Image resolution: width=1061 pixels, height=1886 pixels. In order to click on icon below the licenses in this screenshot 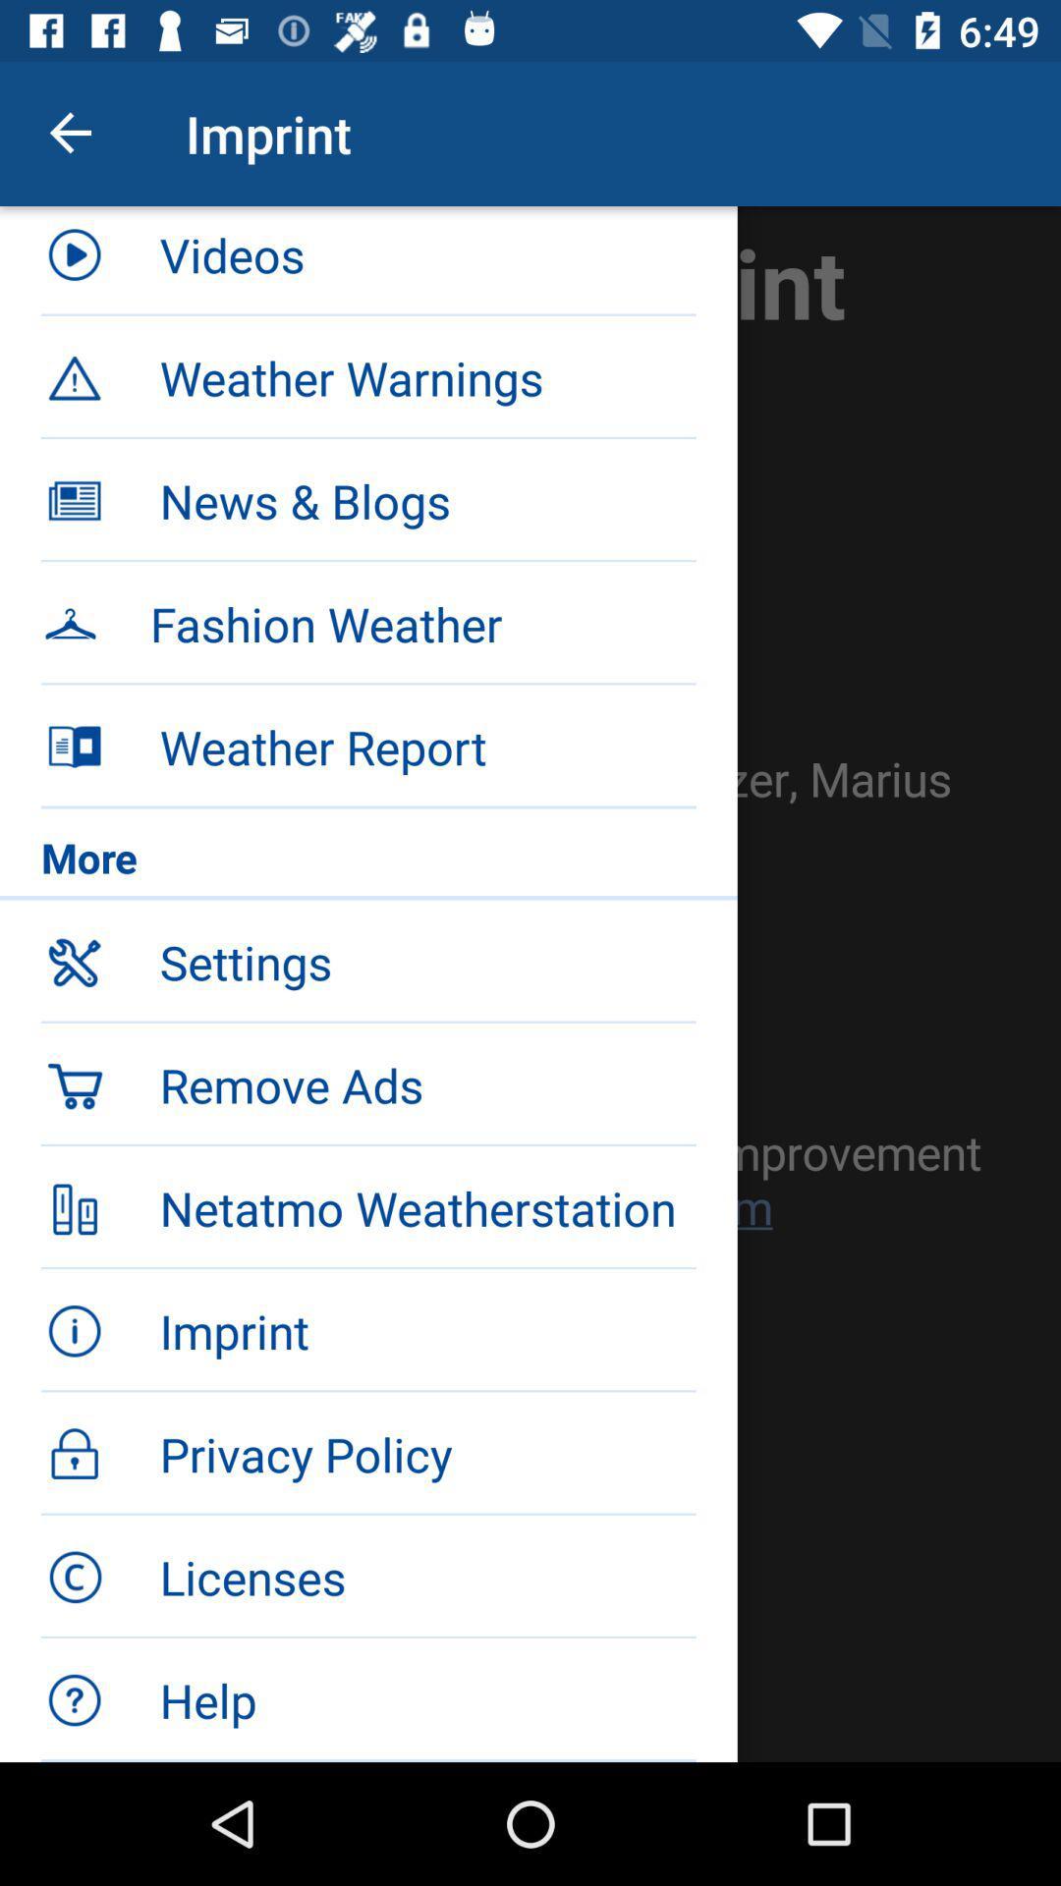, I will do `click(426, 1699)`.